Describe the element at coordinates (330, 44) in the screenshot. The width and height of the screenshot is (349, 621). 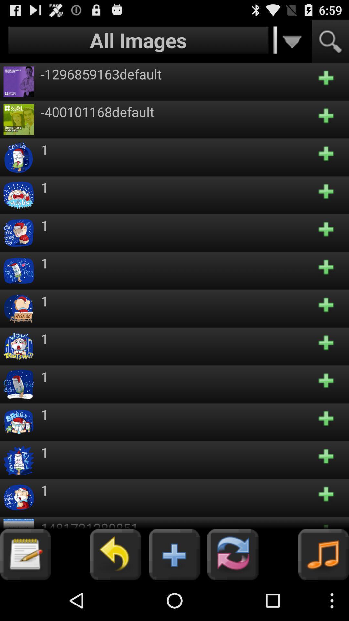
I see `the search icon` at that location.